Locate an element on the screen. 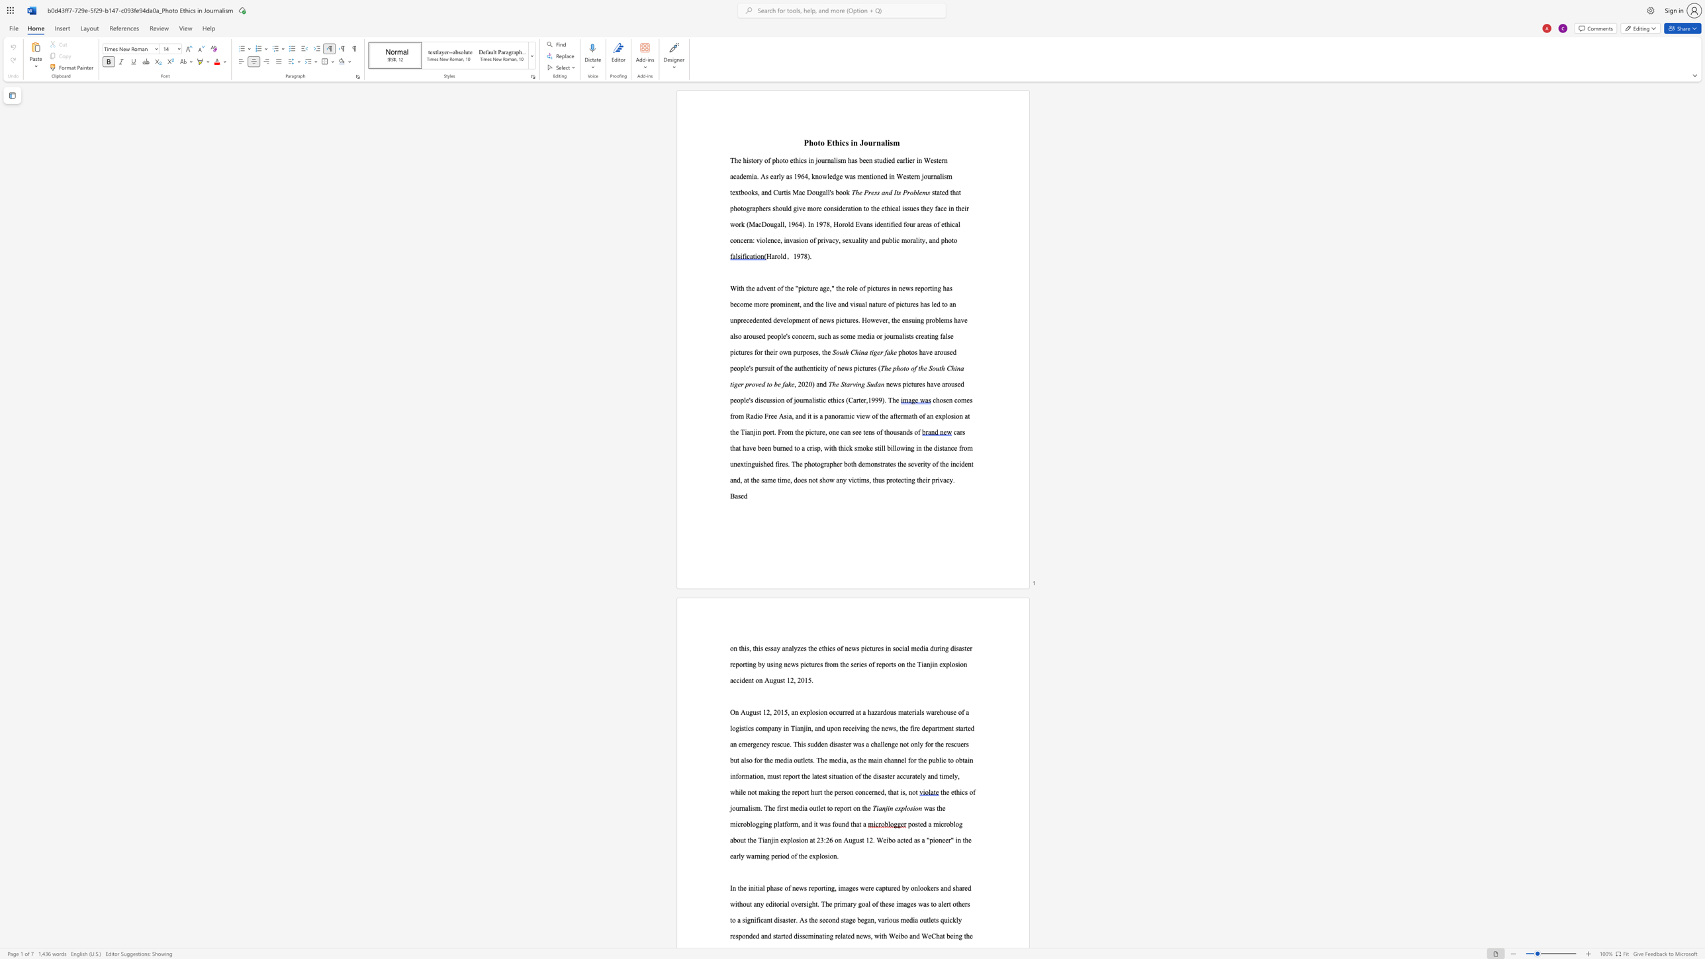 The width and height of the screenshot is (1705, 959). the subset text "ual nature of pictures has led to an unprecedented development of news pictures. However, the ensuing problems have also aroused people" within the text "With the advent of the" is located at coordinates (858, 304).